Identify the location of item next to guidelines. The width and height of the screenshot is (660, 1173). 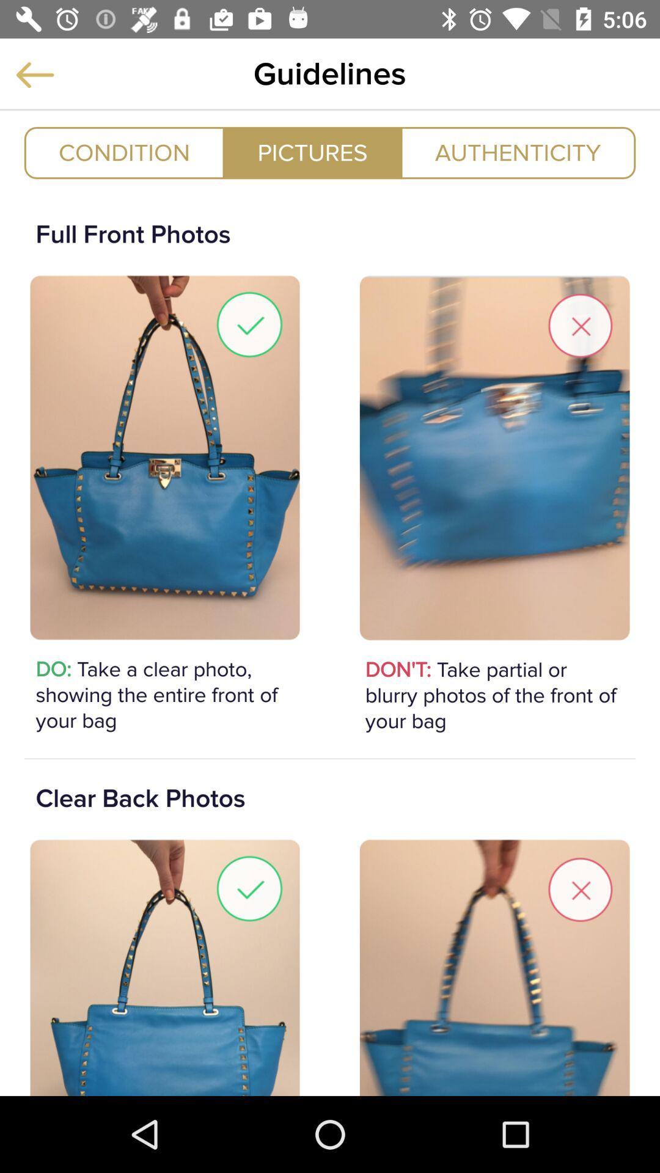
(34, 74).